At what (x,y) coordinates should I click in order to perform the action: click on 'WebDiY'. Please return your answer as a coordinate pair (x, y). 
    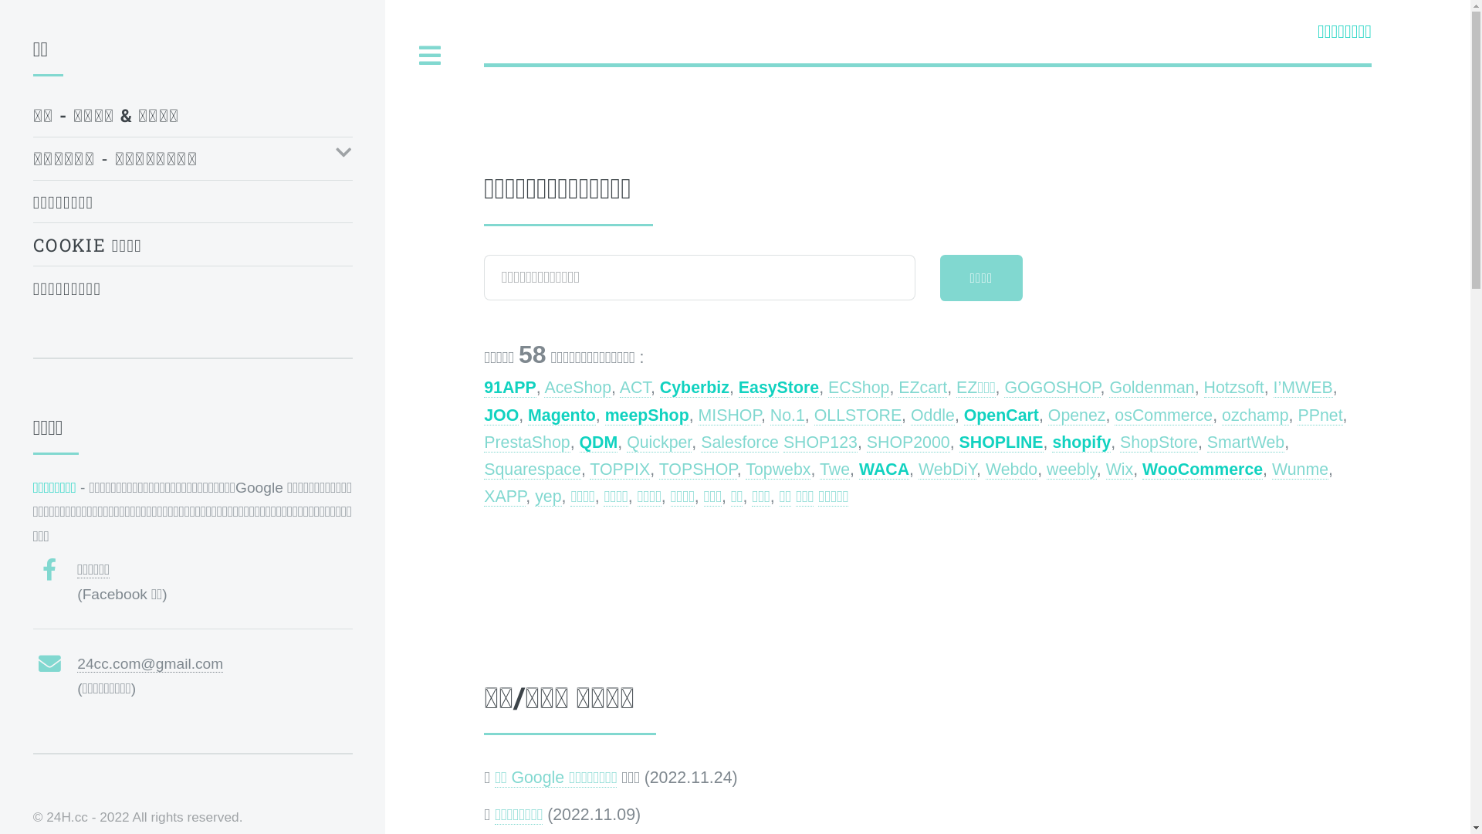
    Looking at the image, I should click on (919, 469).